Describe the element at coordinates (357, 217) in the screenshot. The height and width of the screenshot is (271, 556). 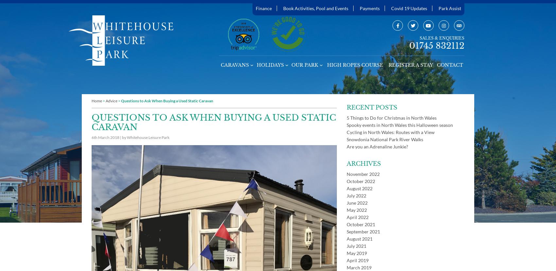
I see `'April 2022'` at that location.